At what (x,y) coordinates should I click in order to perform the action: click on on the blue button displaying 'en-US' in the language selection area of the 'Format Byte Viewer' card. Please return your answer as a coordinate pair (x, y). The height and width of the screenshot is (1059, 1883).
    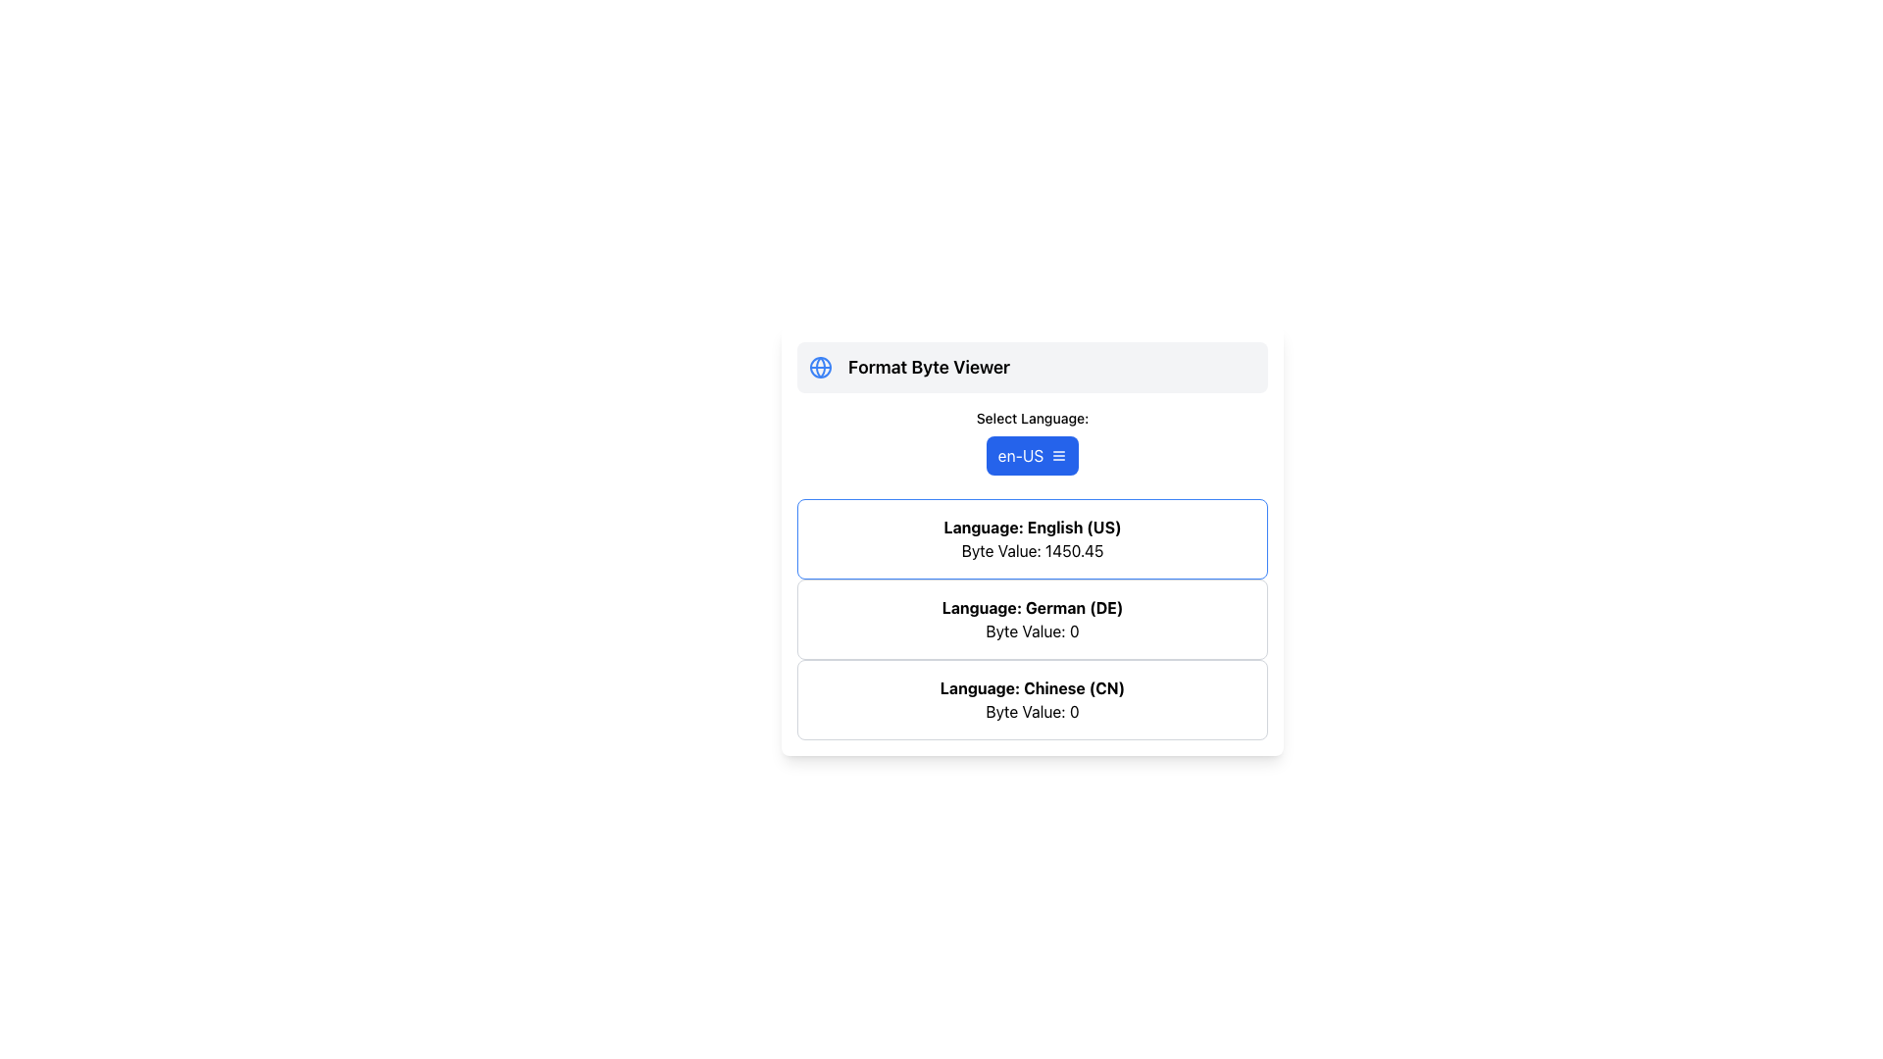
    Looking at the image, I should click on (1031, 442).